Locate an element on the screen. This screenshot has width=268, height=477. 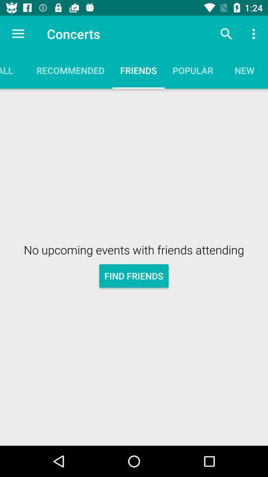
the icon below no upcoming events item is located at coordinates (134, 276).